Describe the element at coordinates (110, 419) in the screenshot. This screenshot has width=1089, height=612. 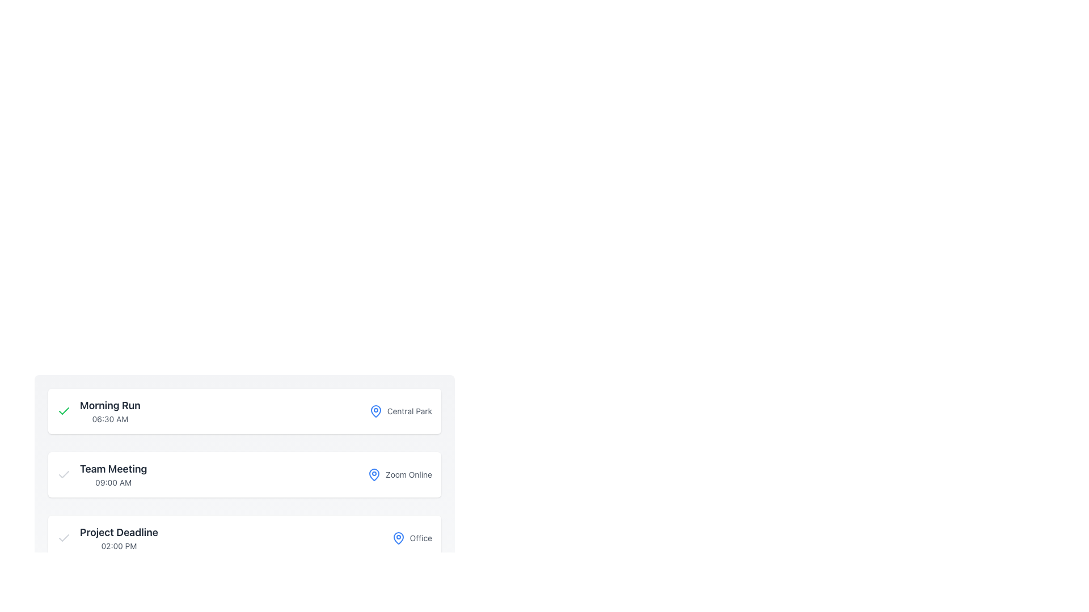
I see `the text label that displays '06:30 AM', which is styled in a small, light gray font and located slightly below the label 'Morning Run'` at that location.